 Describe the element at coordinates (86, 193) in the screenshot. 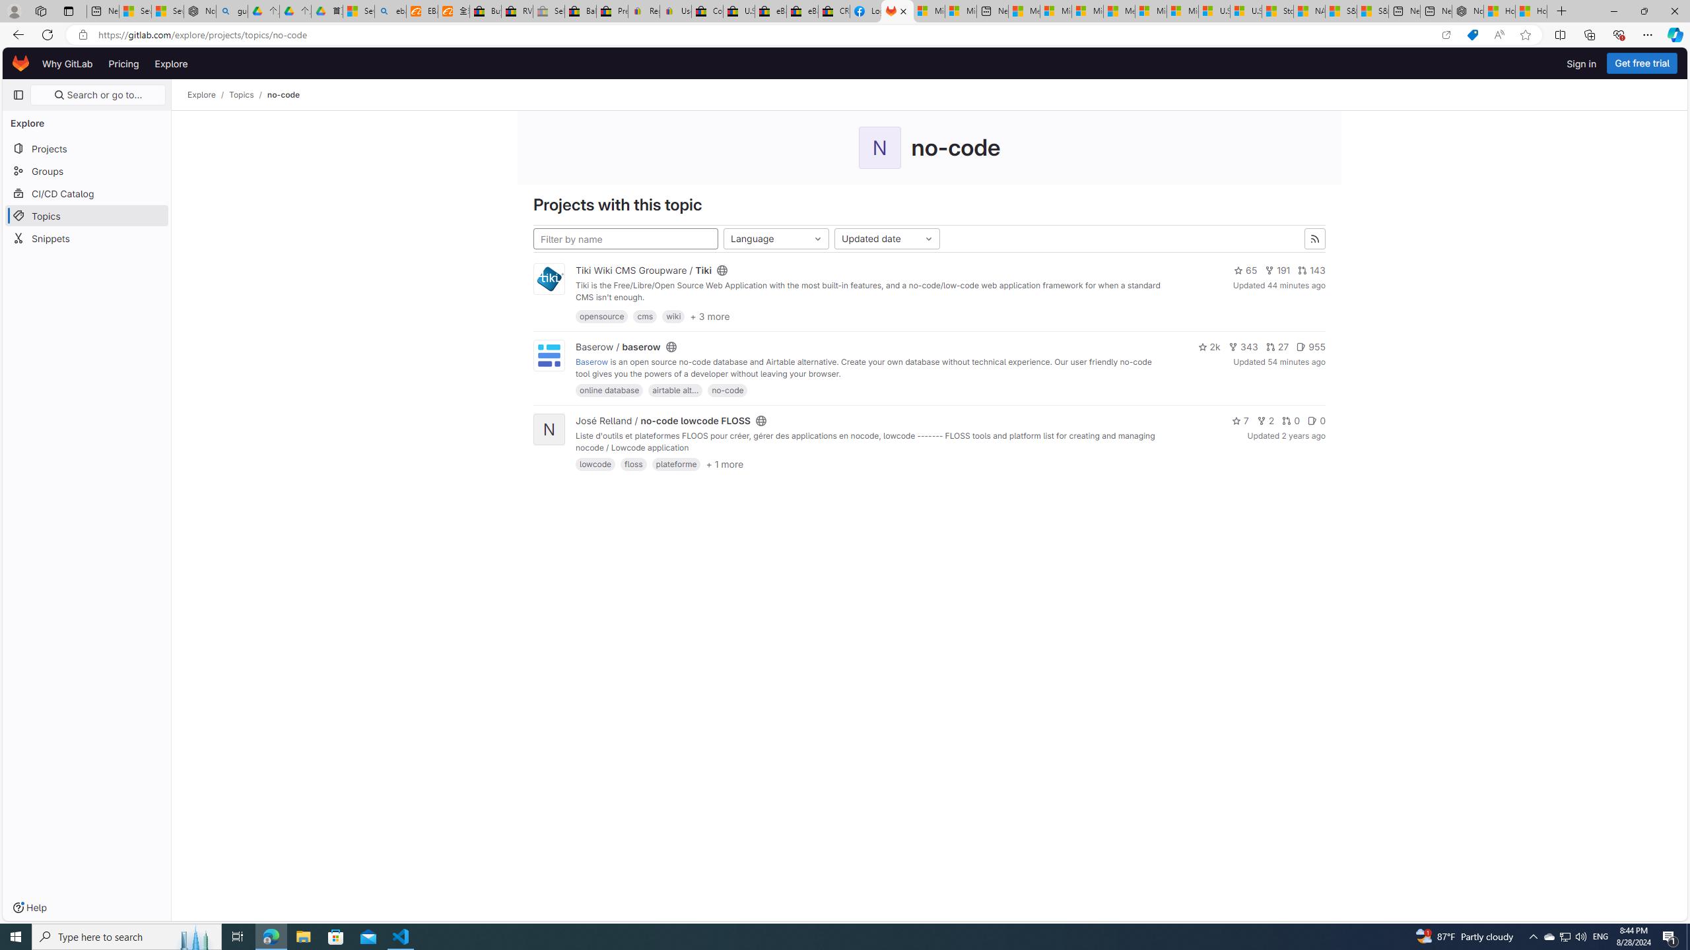

I see `'CI/CD Catalog'` at that location.